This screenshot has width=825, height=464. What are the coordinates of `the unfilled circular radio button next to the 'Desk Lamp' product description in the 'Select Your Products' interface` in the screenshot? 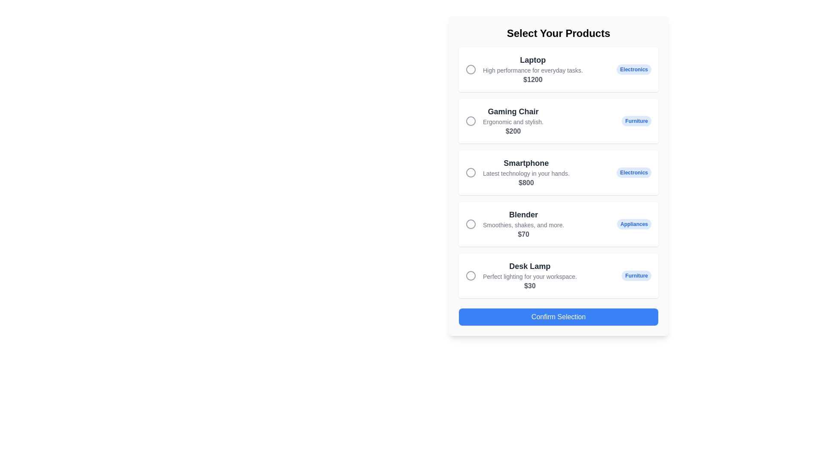 It's located at (470, 275).